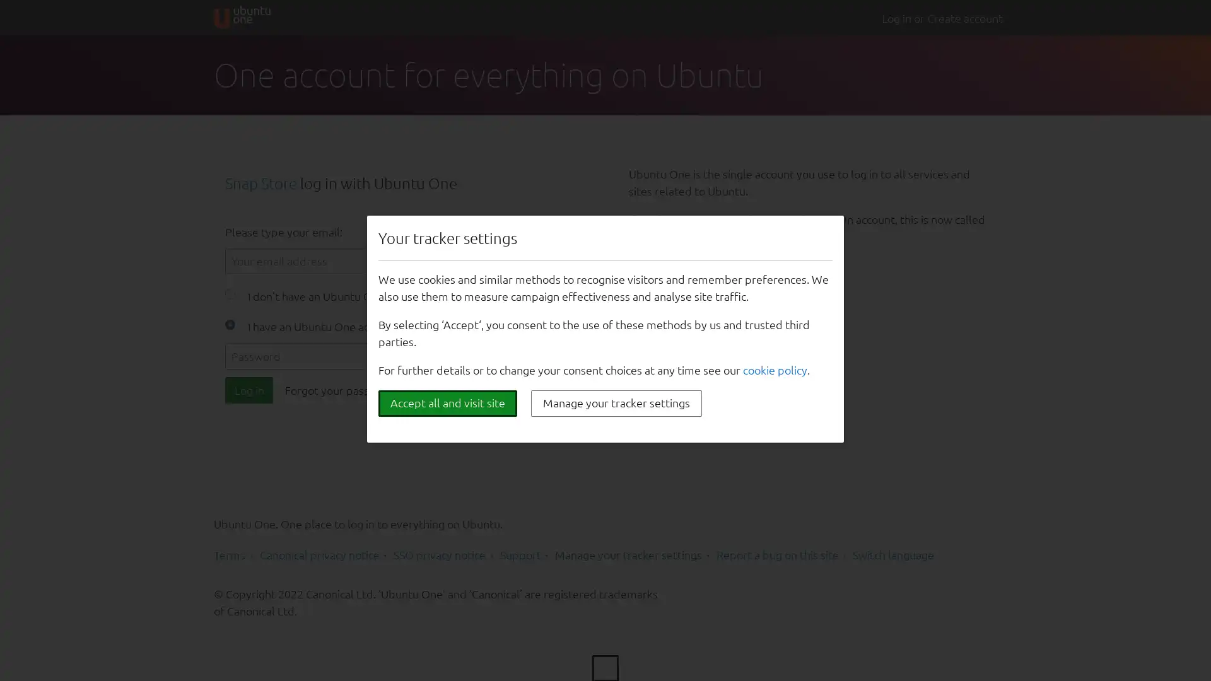  What do you see at coordinates (249, 389) in the screenshot?
I see `Log in` at bounding box center [249, 389].